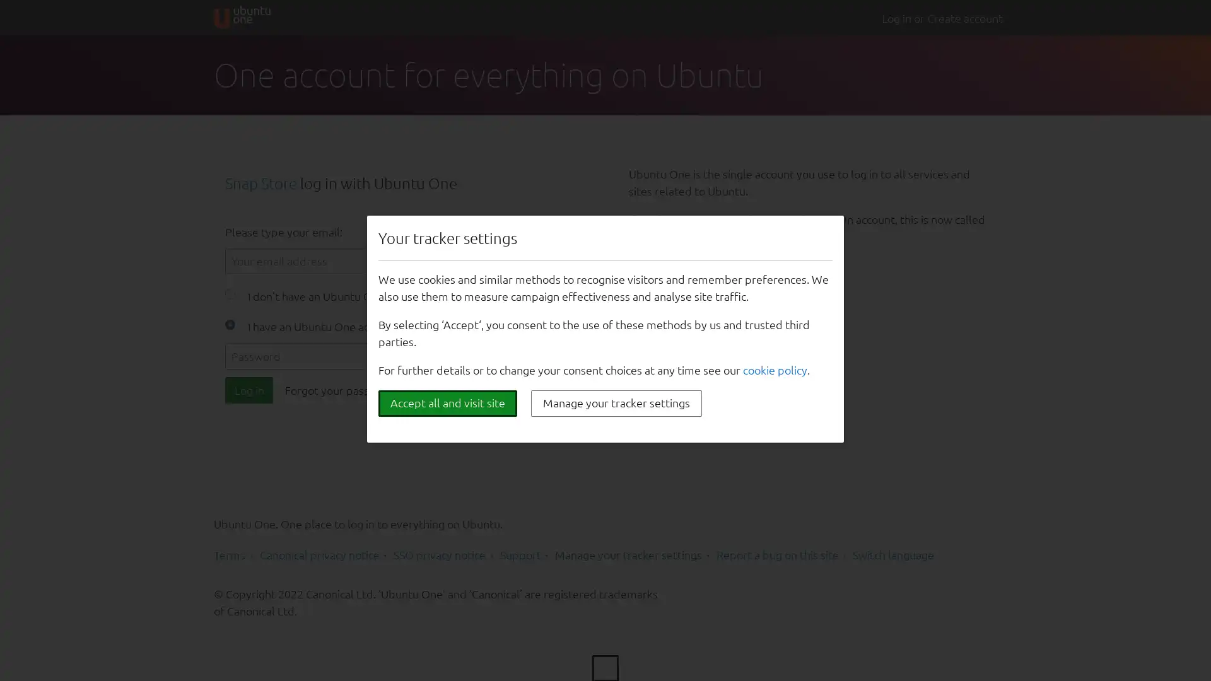  What do you see at coordinates (249, 389) in the screenshot?
I see `Log in` at bounding box center [249, 389].